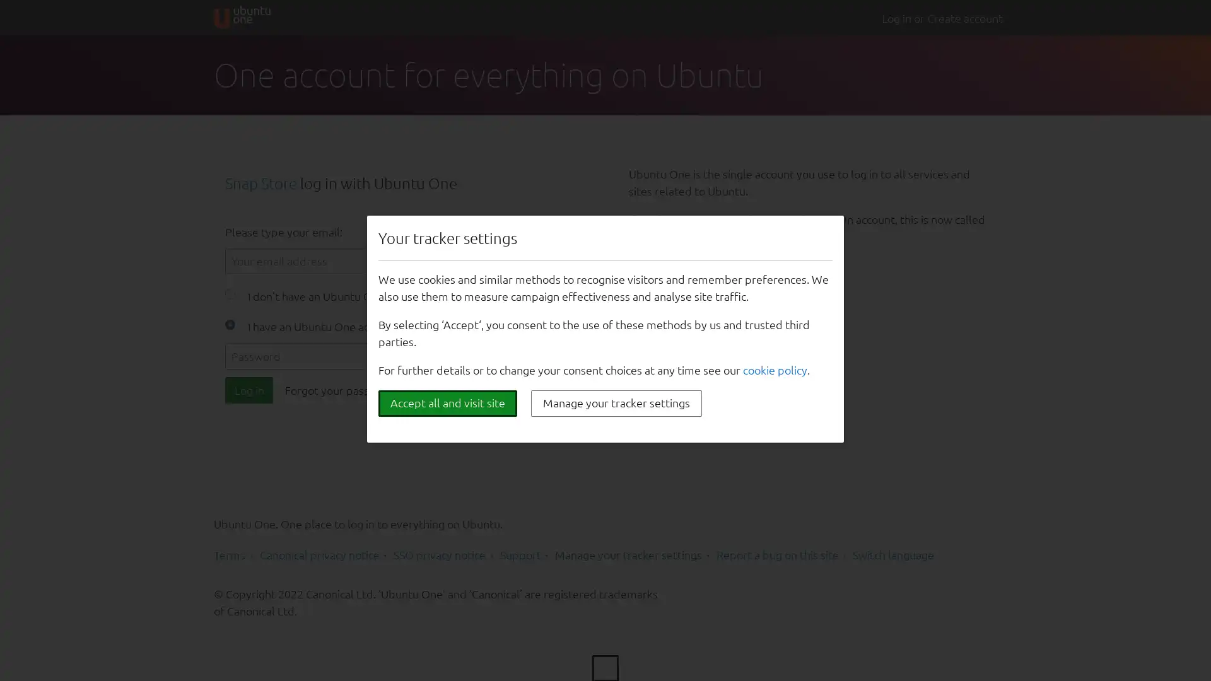  What do you see at coordinates (249, 389) in the screenshot?
I see `Log in` at bounding box center [249, 389].